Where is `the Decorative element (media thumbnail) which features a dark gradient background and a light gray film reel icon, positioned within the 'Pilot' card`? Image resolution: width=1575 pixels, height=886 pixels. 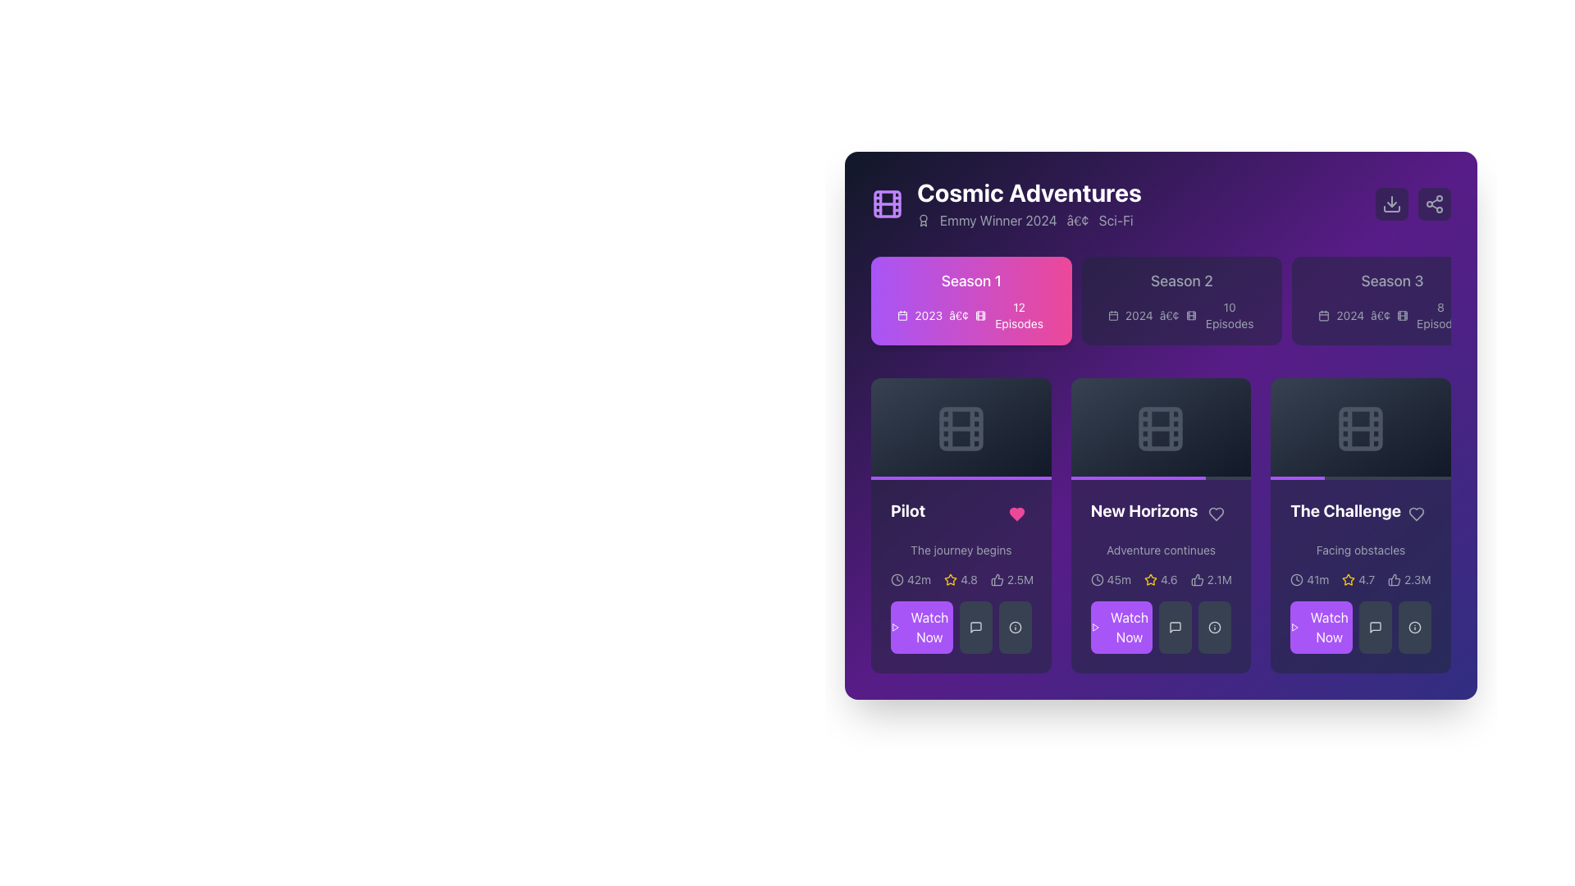 the Decorative element (media thumbnail) which features a dark gradient background and a light gray film reel icon, positioned within the 'Pilot' card is located at coordinates (961, 427).